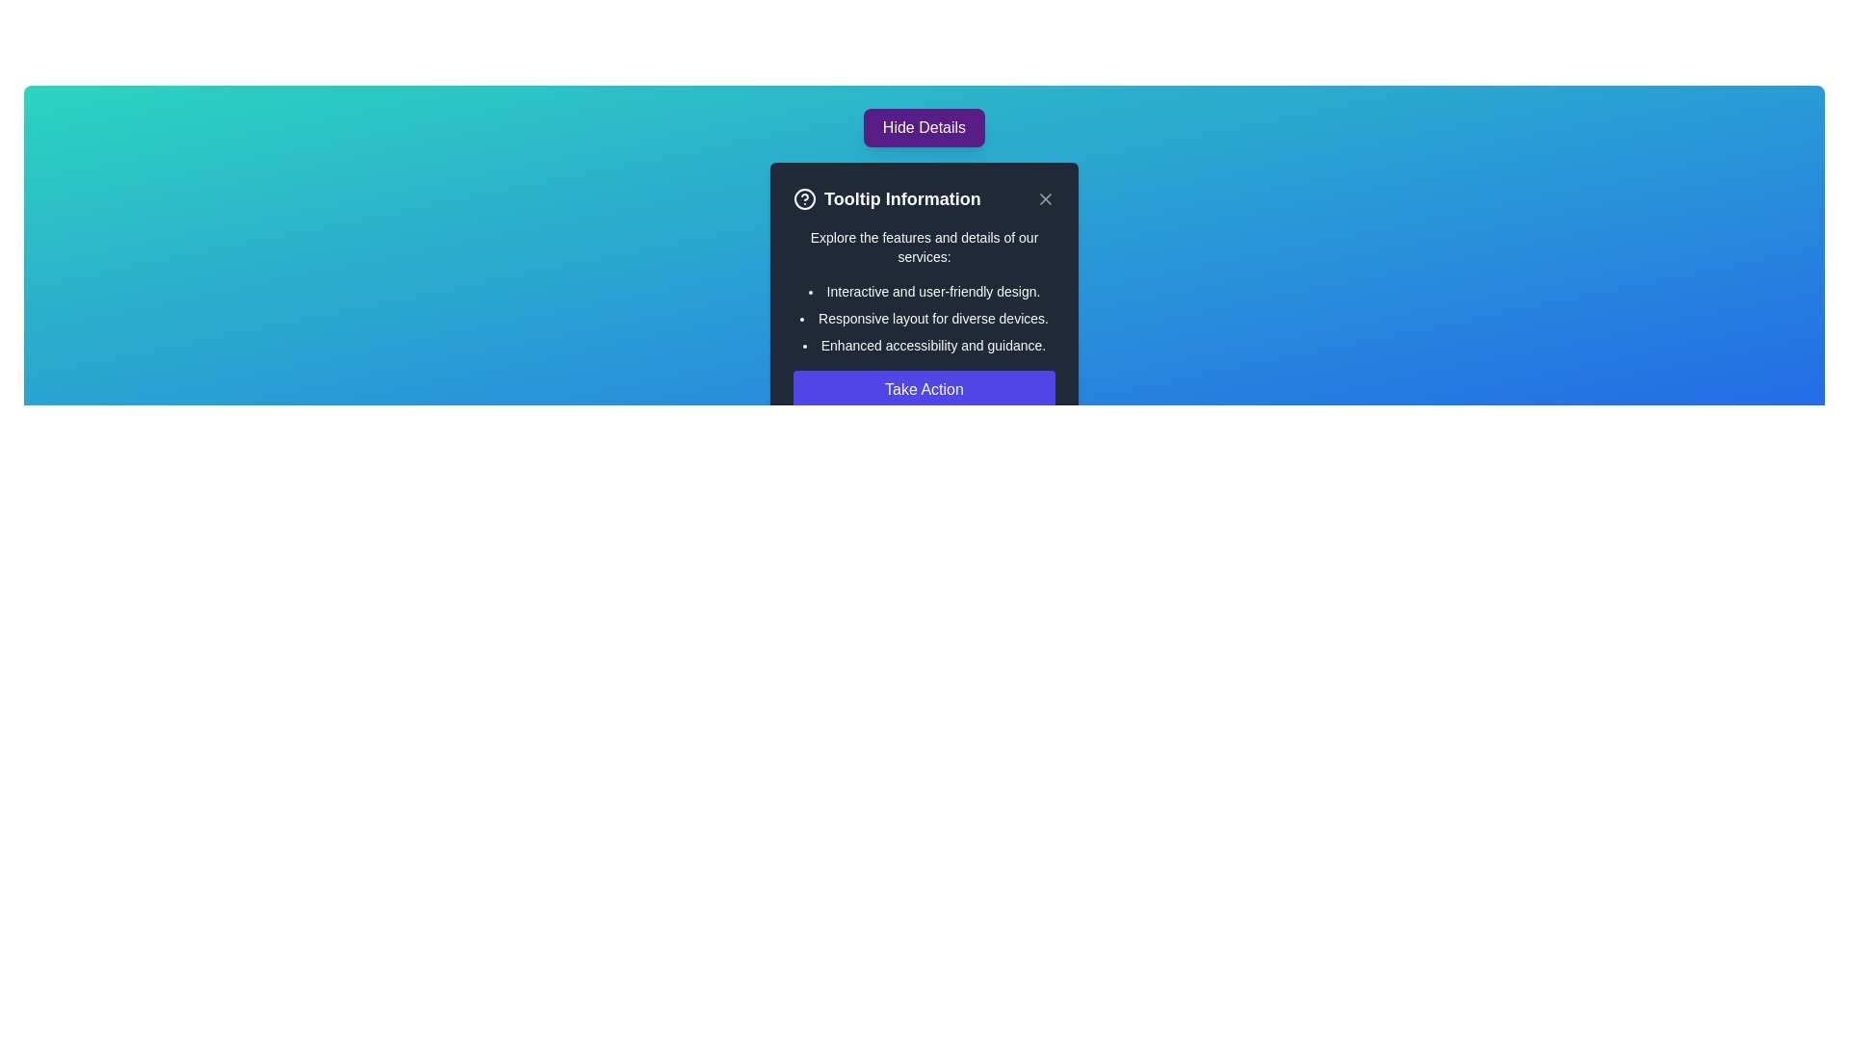  I want to click on text content of the header text block in the dark-themed dialog box, which is positioned at the center top section next to an icon, so click(886, 199).